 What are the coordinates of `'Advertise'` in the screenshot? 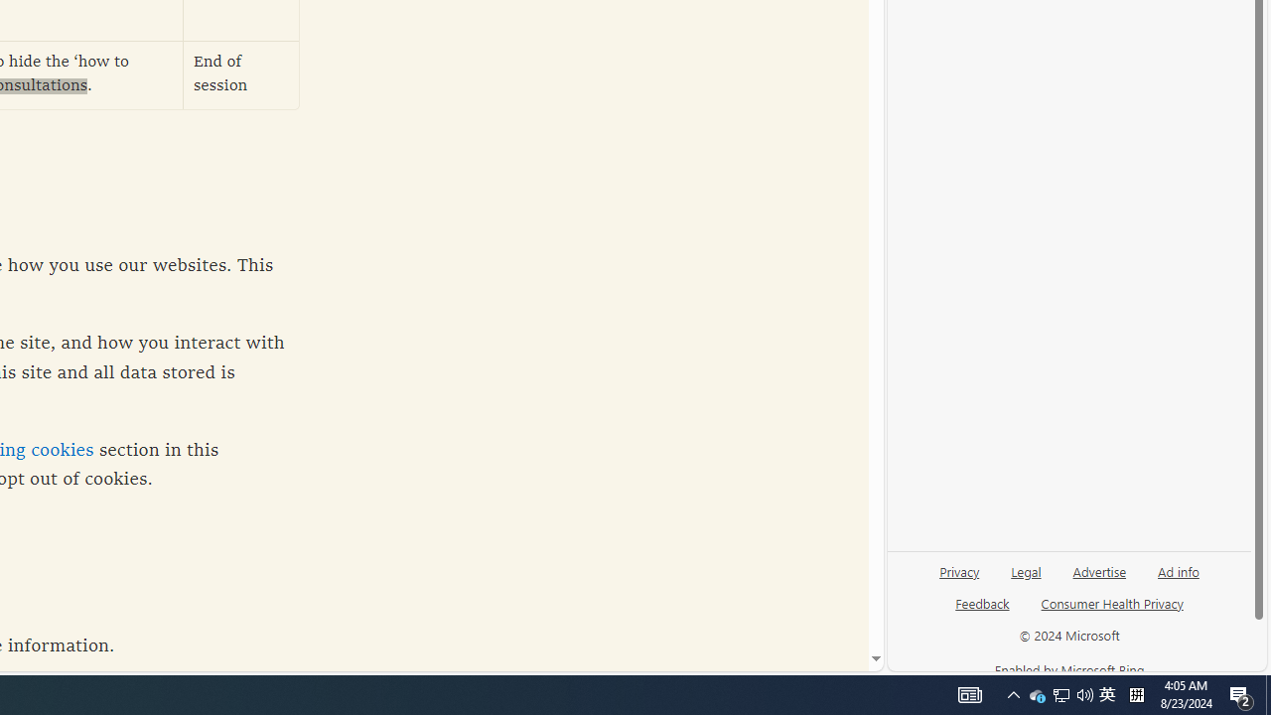 It's located at (1098, 579).